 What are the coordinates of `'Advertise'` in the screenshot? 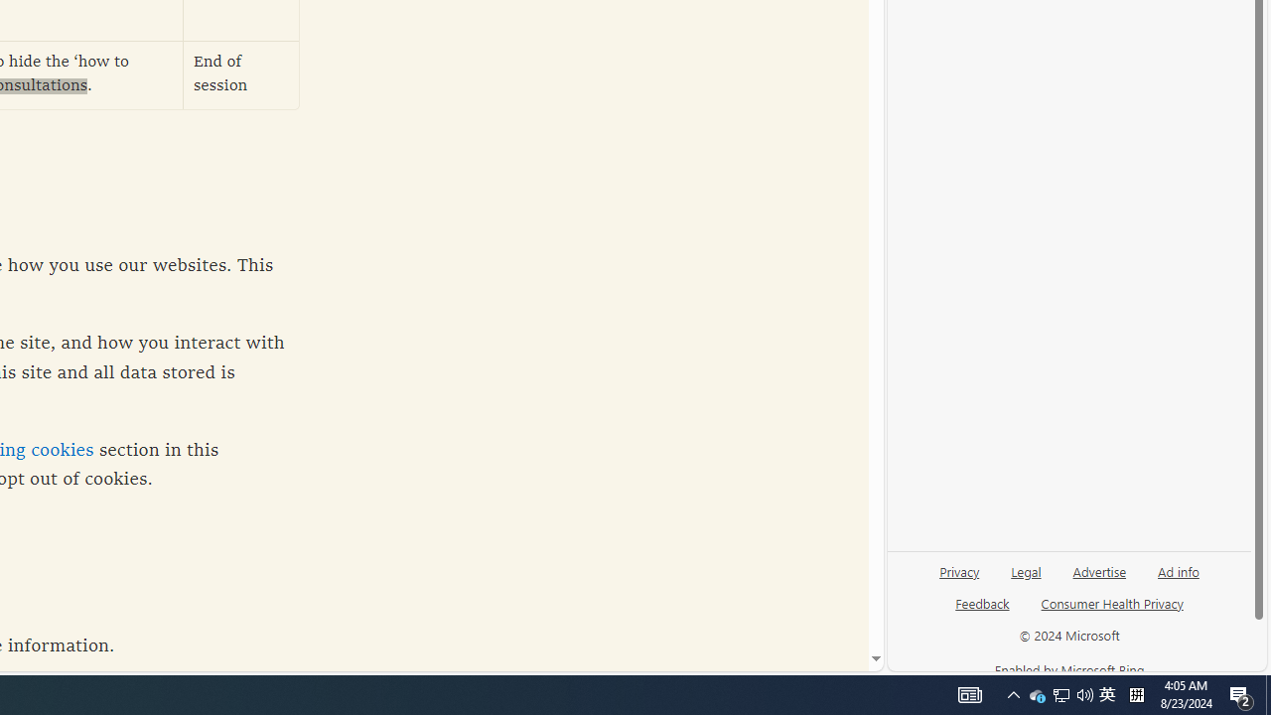 It's located at (1098, 579).